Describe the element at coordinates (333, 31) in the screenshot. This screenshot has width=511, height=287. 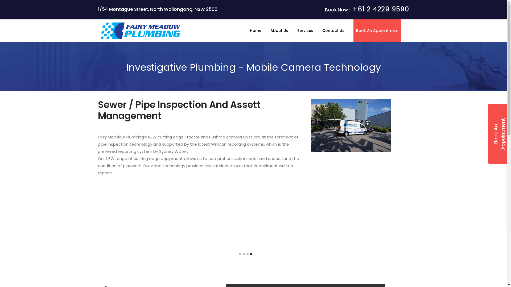
I see `'Contact Us'` at that location.